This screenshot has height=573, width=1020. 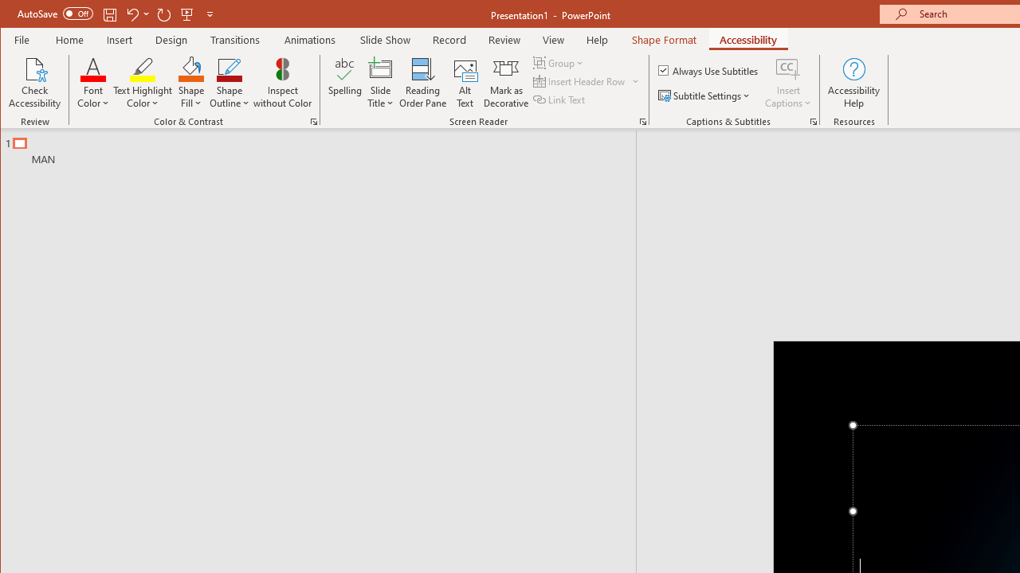 I want to click on 'Screen Reader', so click(x=643, y=121).